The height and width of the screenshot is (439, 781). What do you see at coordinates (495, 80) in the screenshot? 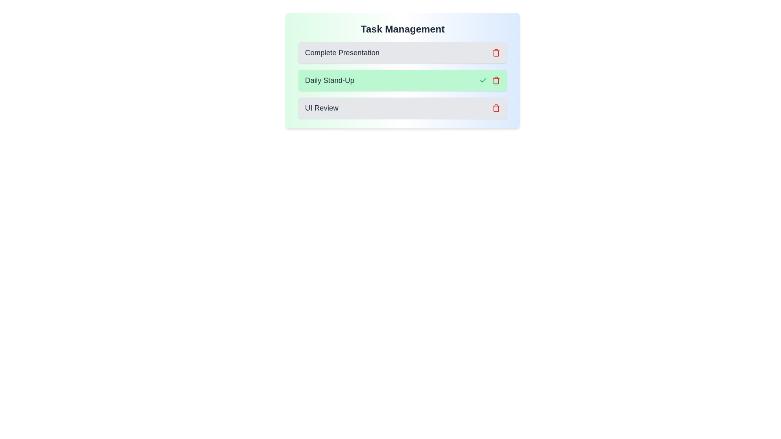
I see `trash icon for the task named Daily Stand-Up` at bounding box center [495, 80].